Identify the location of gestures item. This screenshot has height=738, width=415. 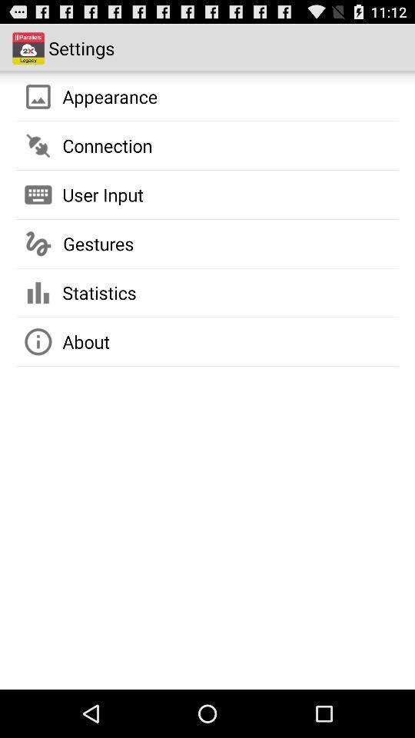
(98, 244).